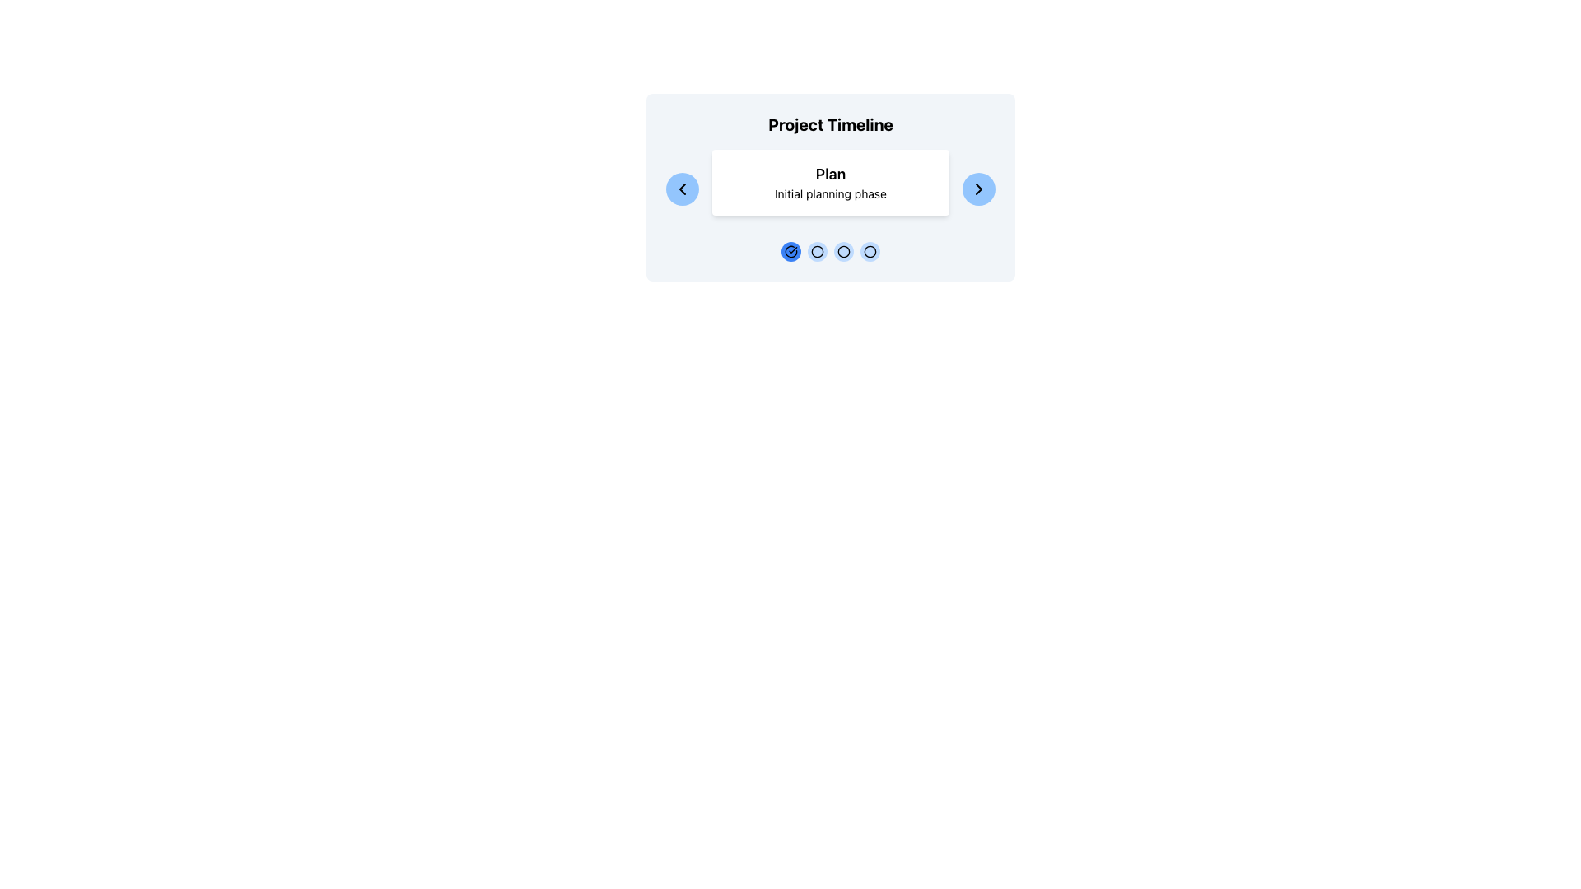 The image size is (1581, 889). I want to click on the circular icon with a check mark inside, which has a blue background and is the first of four step indicators for the 'Project Timeline', so click(790, 251).